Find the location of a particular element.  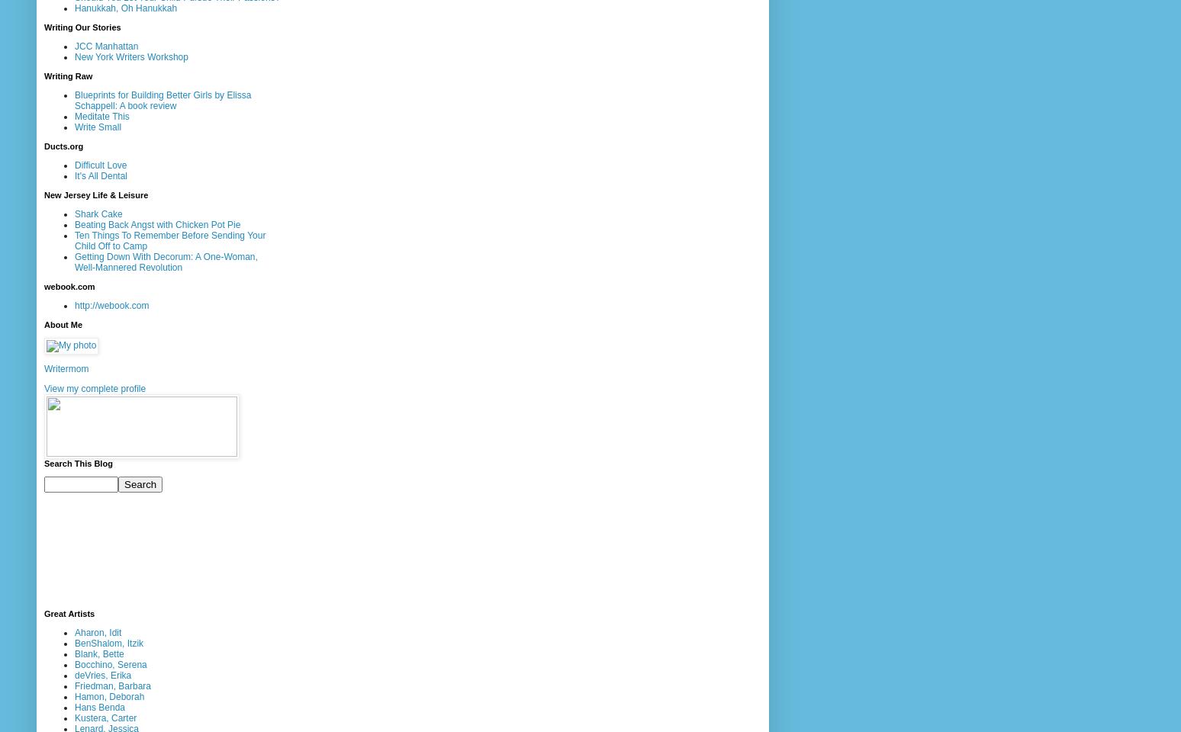

'Hanukkah, Oh Hanukkah' is located at coordinates (126, 6).